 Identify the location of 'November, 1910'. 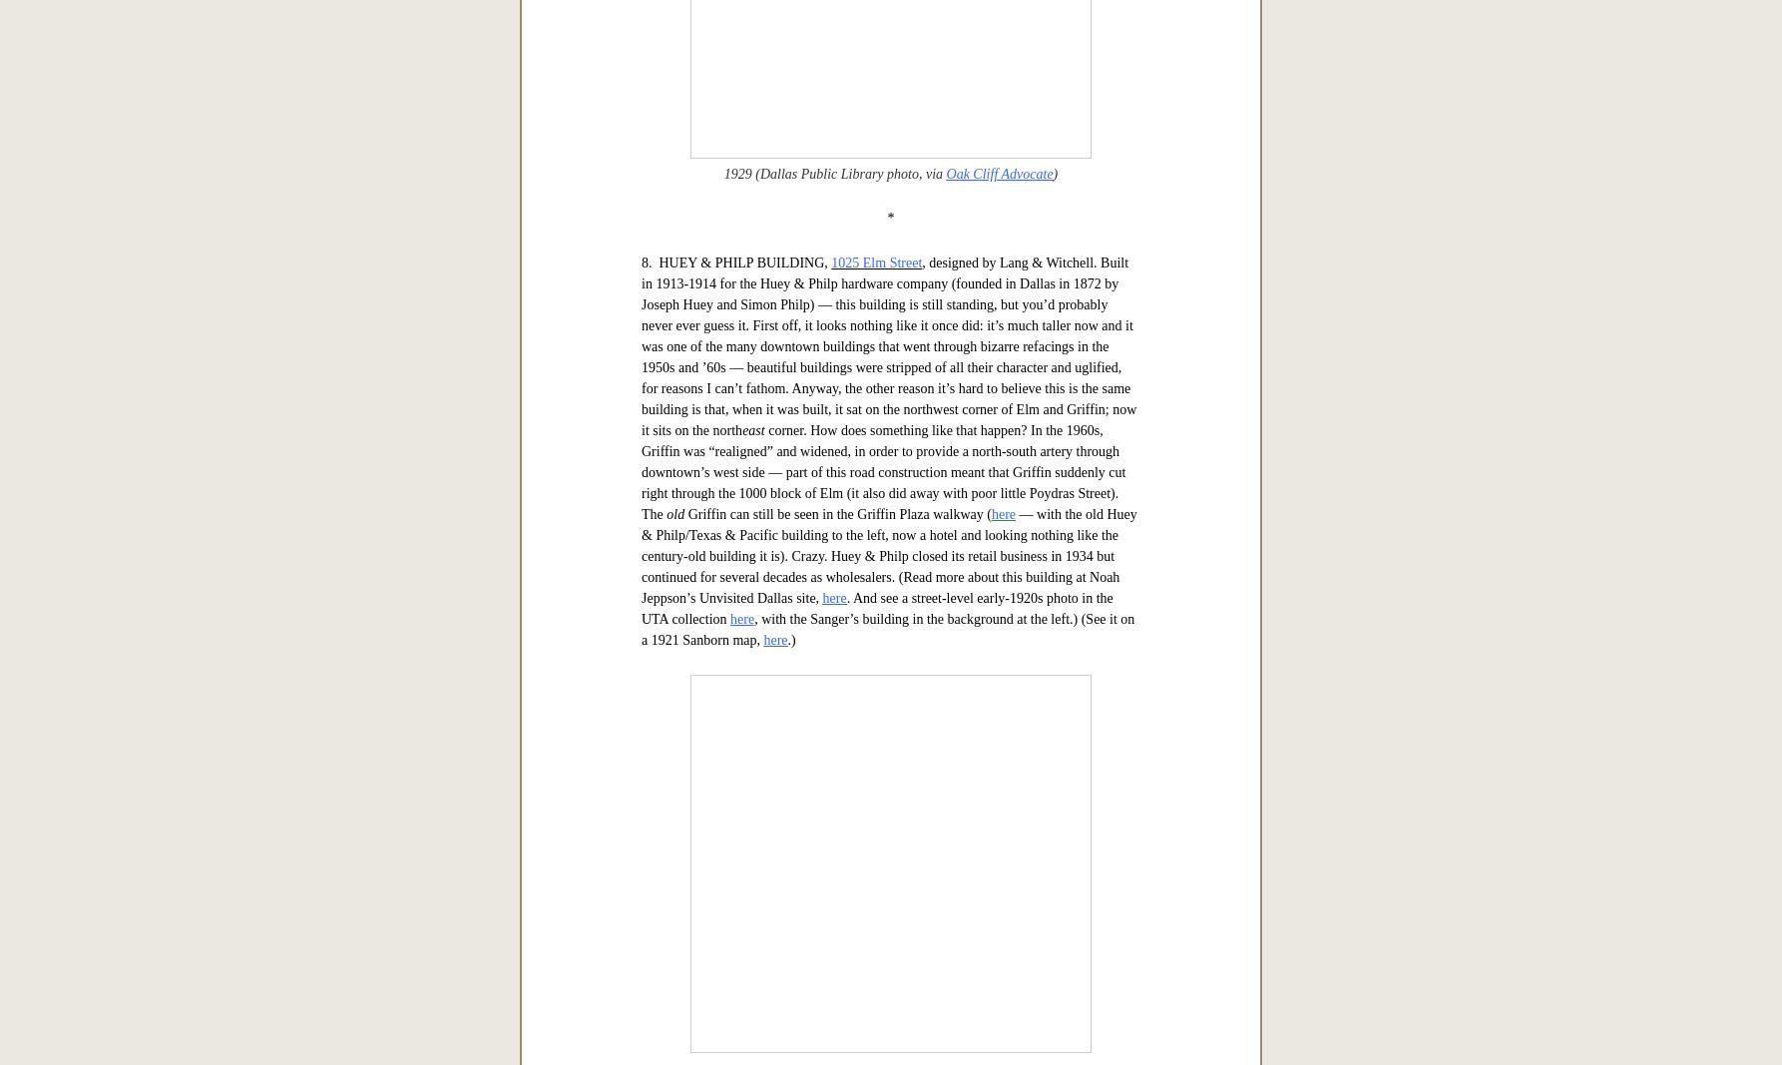
(843, 72).